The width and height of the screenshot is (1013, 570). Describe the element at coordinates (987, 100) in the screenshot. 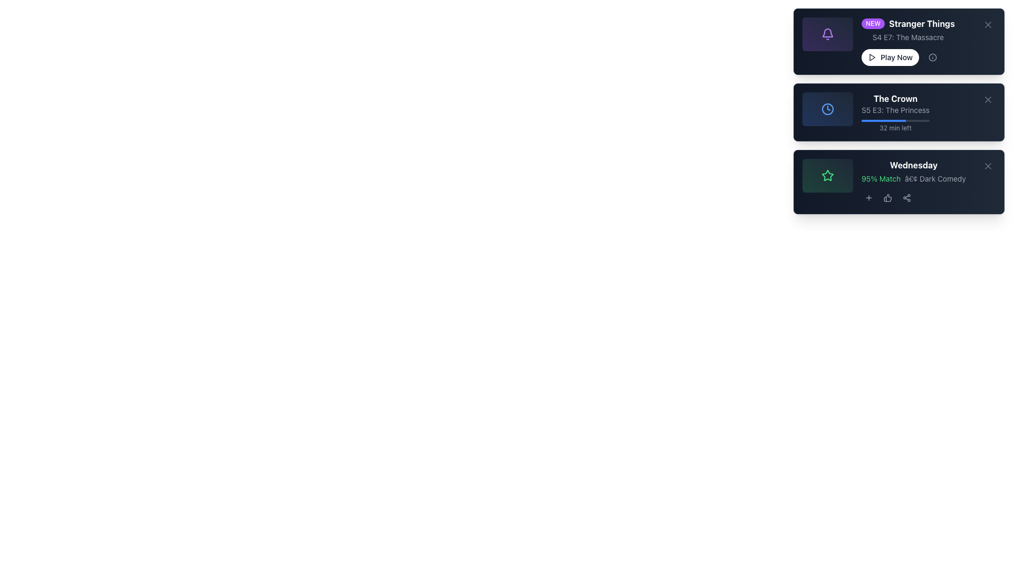

I see `the 'X' Close button located in the far-right corner of the second row labeled 'The Crown'` at that location.